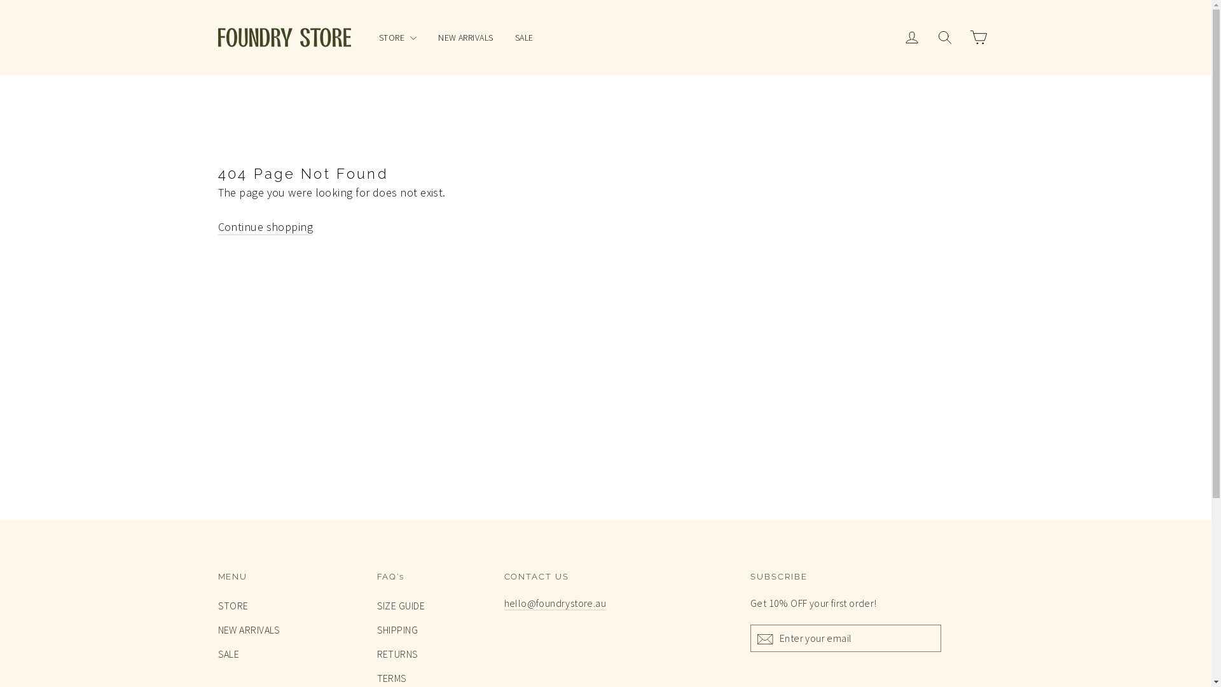 The image size is (1221, 687). I want to click on 'Continue shopping', so click(217, 226).